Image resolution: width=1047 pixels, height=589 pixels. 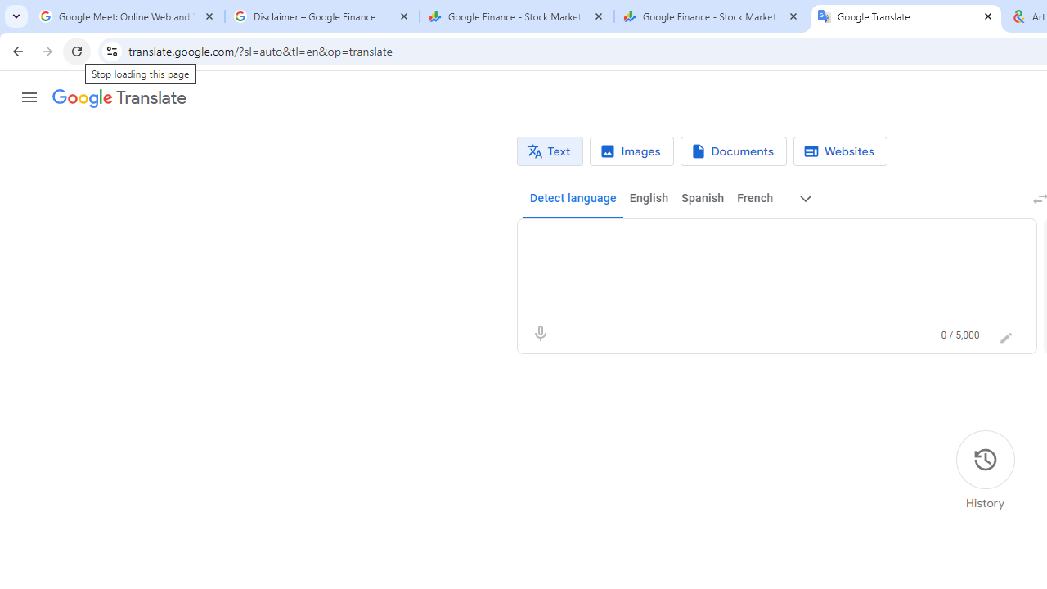 What do you see at coordinates (702, 198) in the screenshot?
I see `'Spanish'` at bounding box center [702, 198].